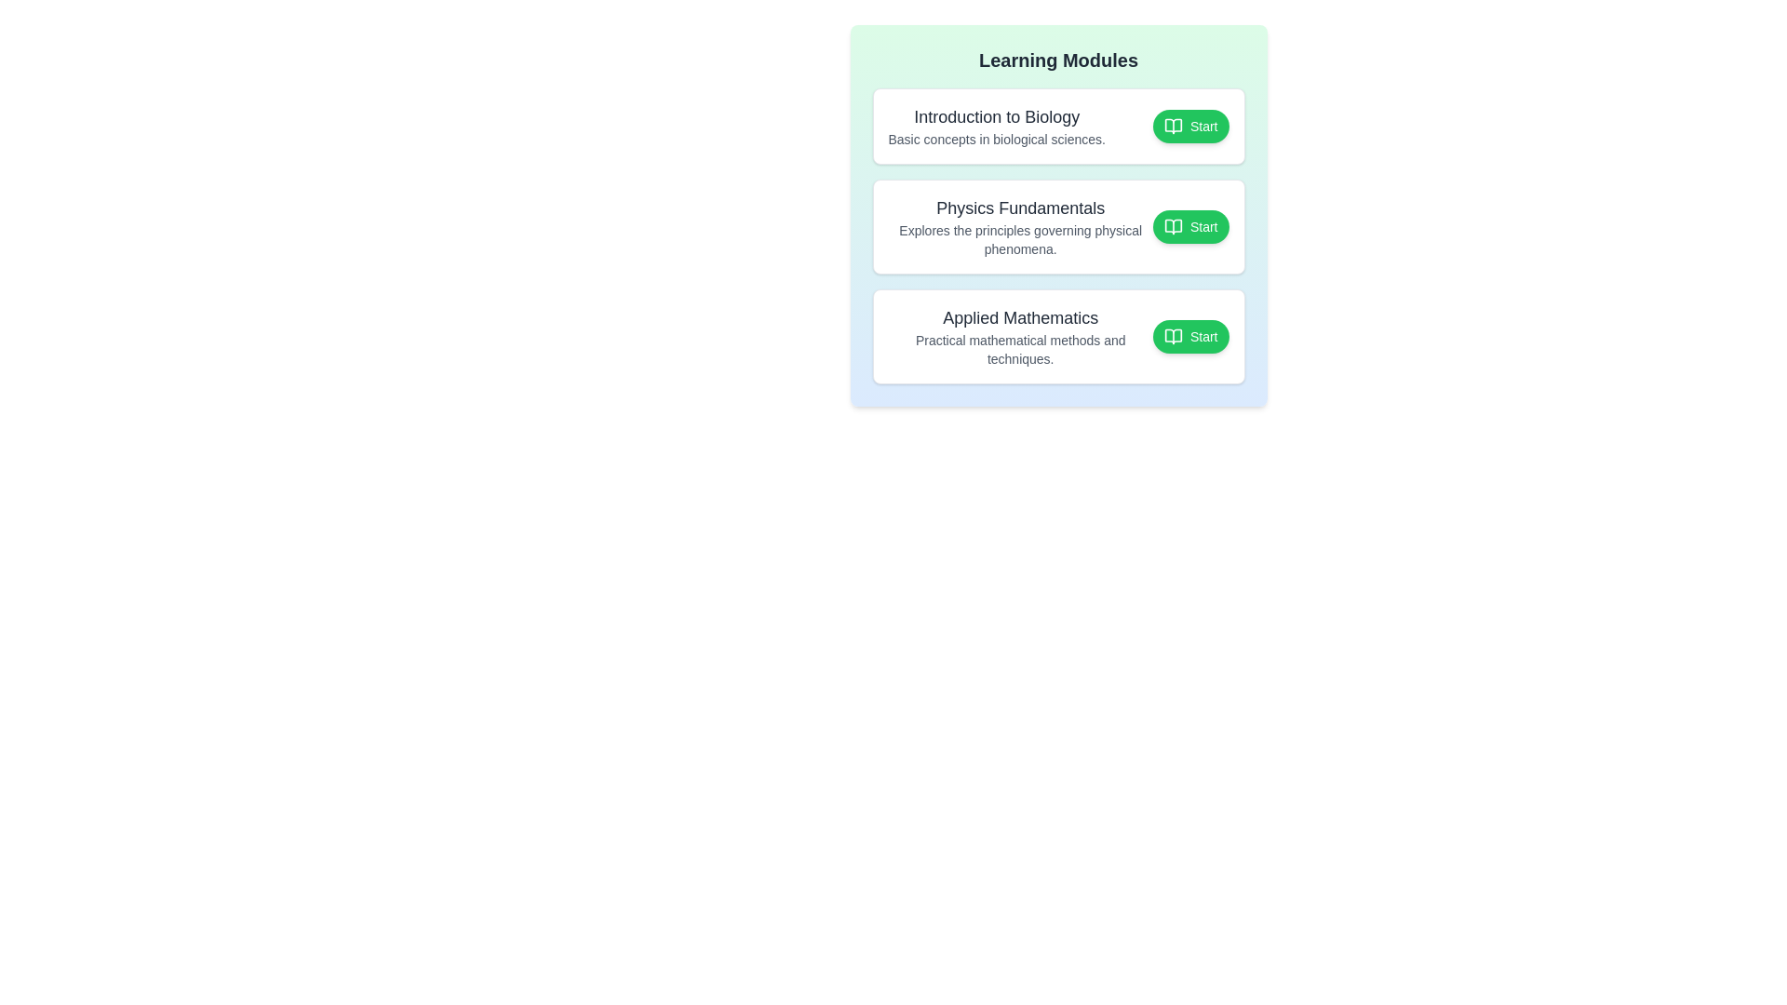 The image size is (1787, 1005). What do you see at coordinates (1189, 337) in the screenshot?
I see `the 'Start' button of the module titled 'Applied Mathematics' to toggle its completion state` at bounding box center [1189, 337].